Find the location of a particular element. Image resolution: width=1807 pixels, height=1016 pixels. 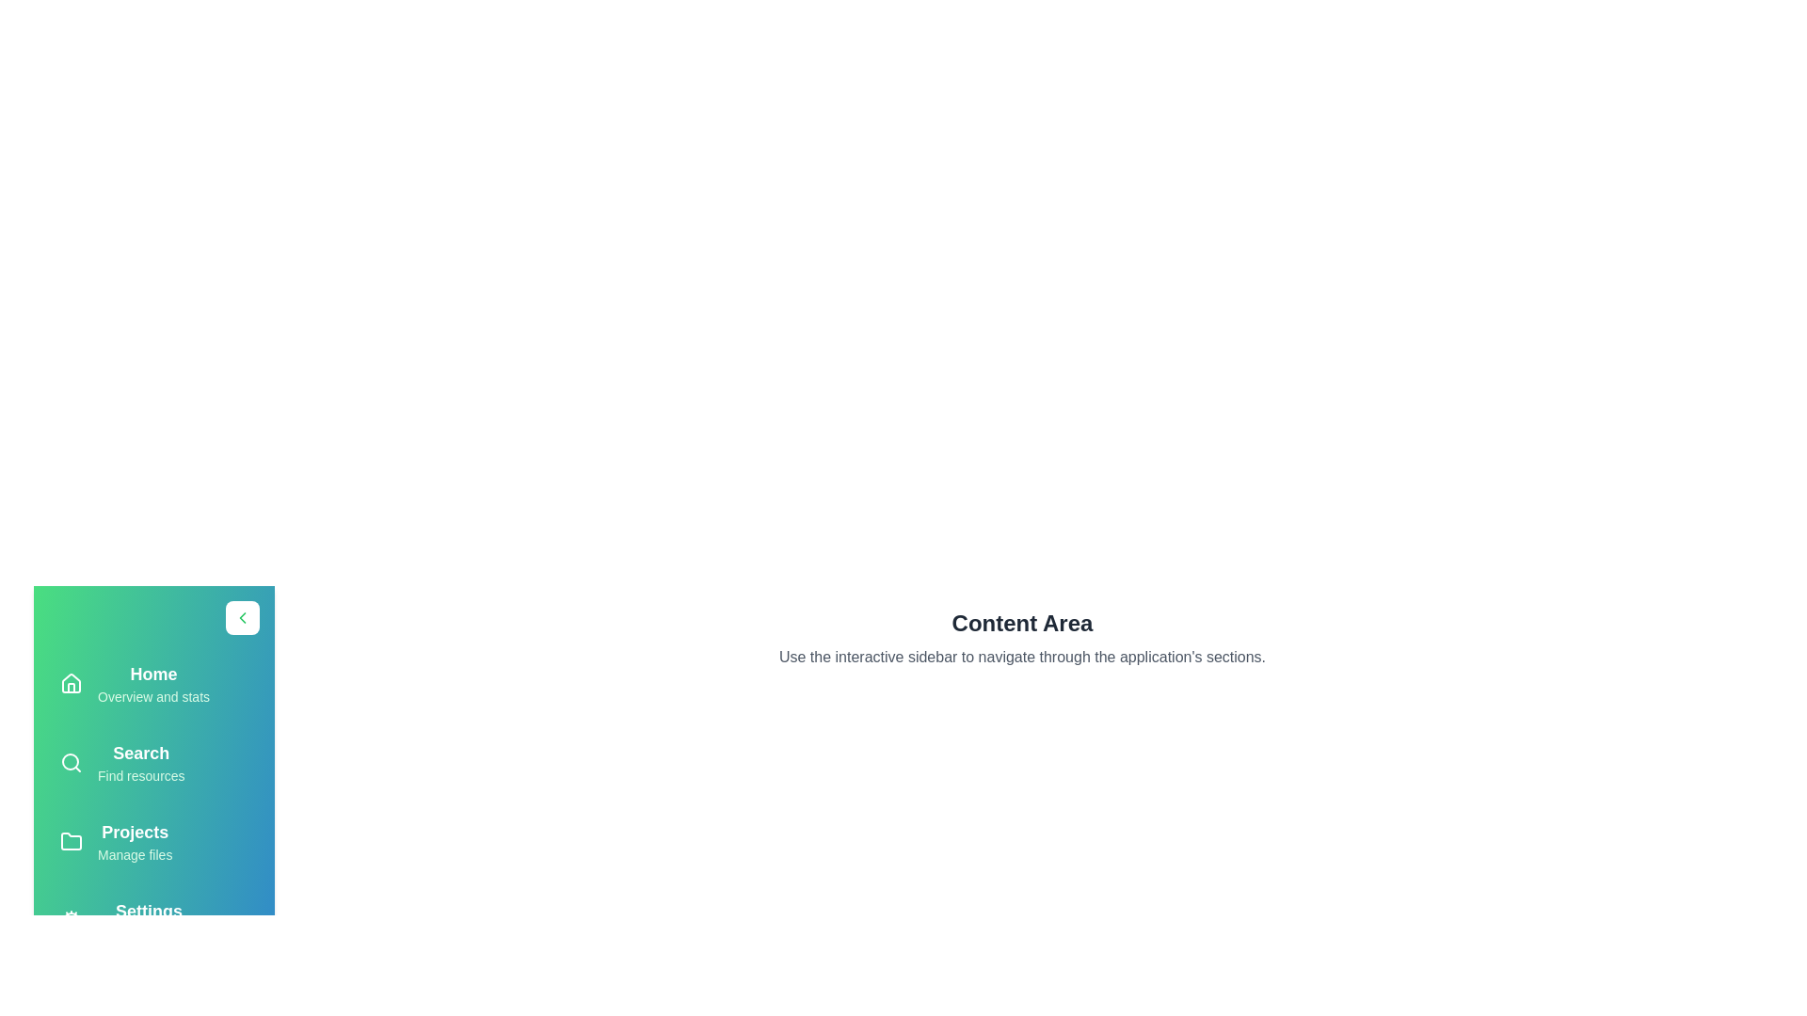

the menu item Settings to highlight it is located at coordinates (153, 920).